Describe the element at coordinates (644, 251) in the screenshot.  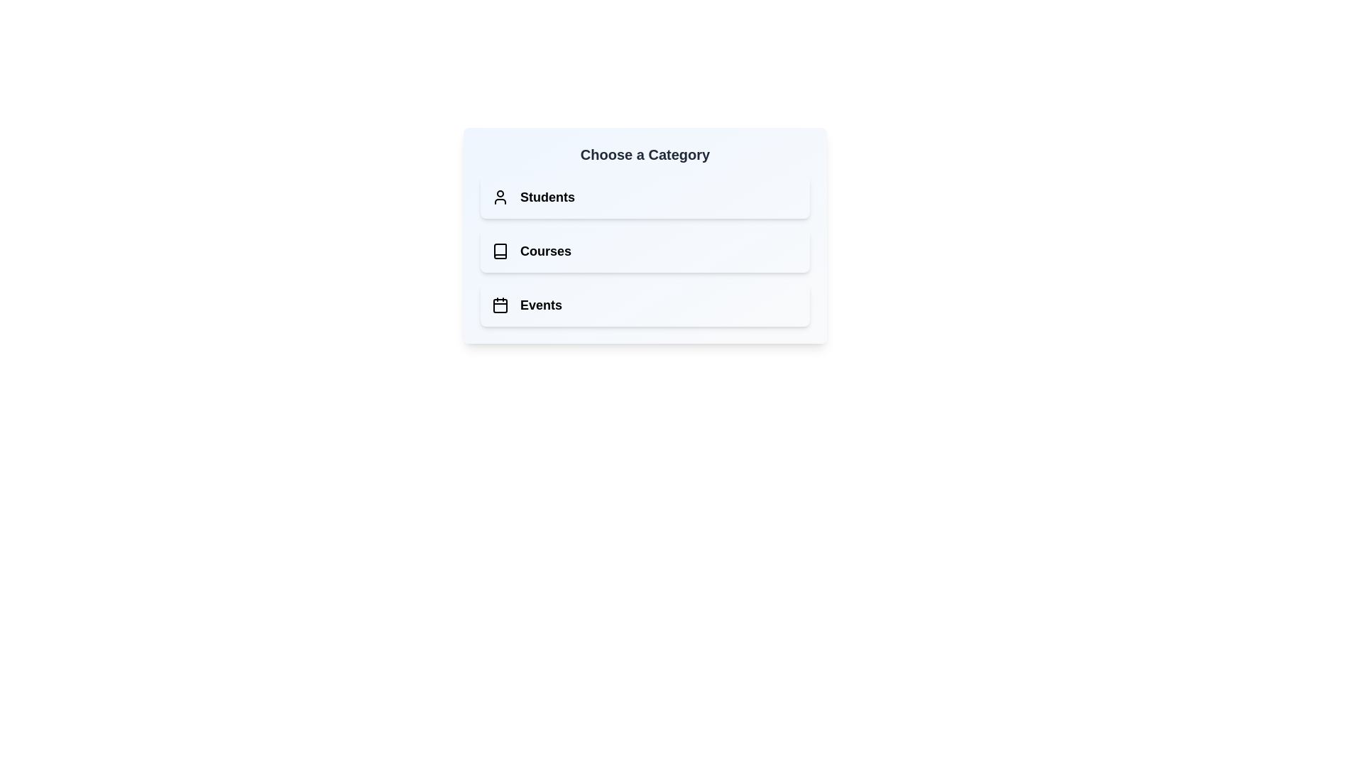
I see `the category card corresponding to Courses` at that location.